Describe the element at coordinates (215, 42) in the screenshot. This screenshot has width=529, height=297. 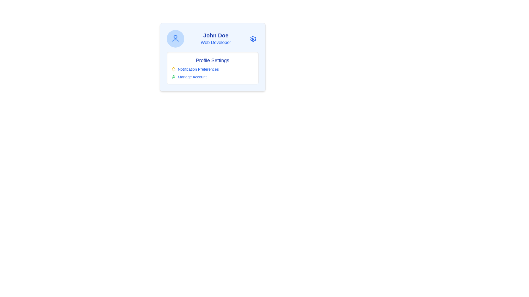
I see `text displayed in the Text Label that shows the user's professional title, located directly below the 'John Doe' text label in the user profile card` at that location.